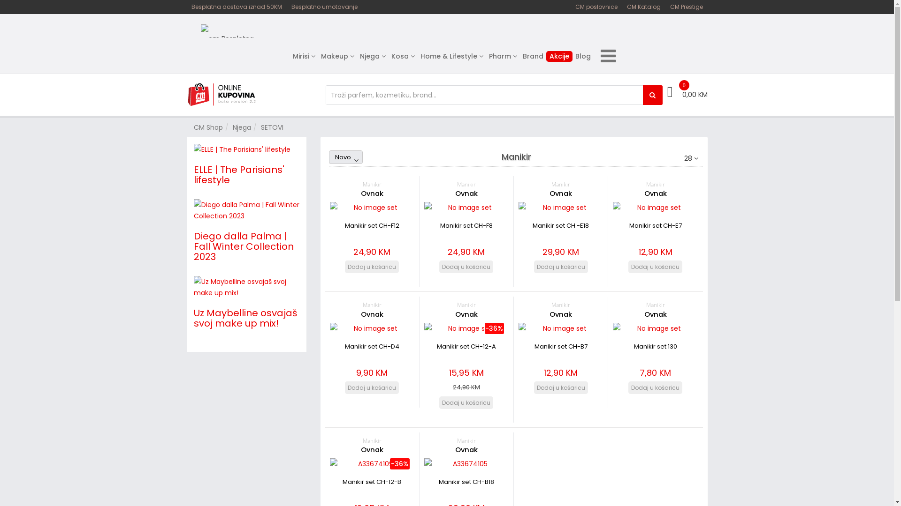  What do you see at coordinates (486, 56) in the screenshot?
I see `'Pharm'` at bounding box center [486, 56].